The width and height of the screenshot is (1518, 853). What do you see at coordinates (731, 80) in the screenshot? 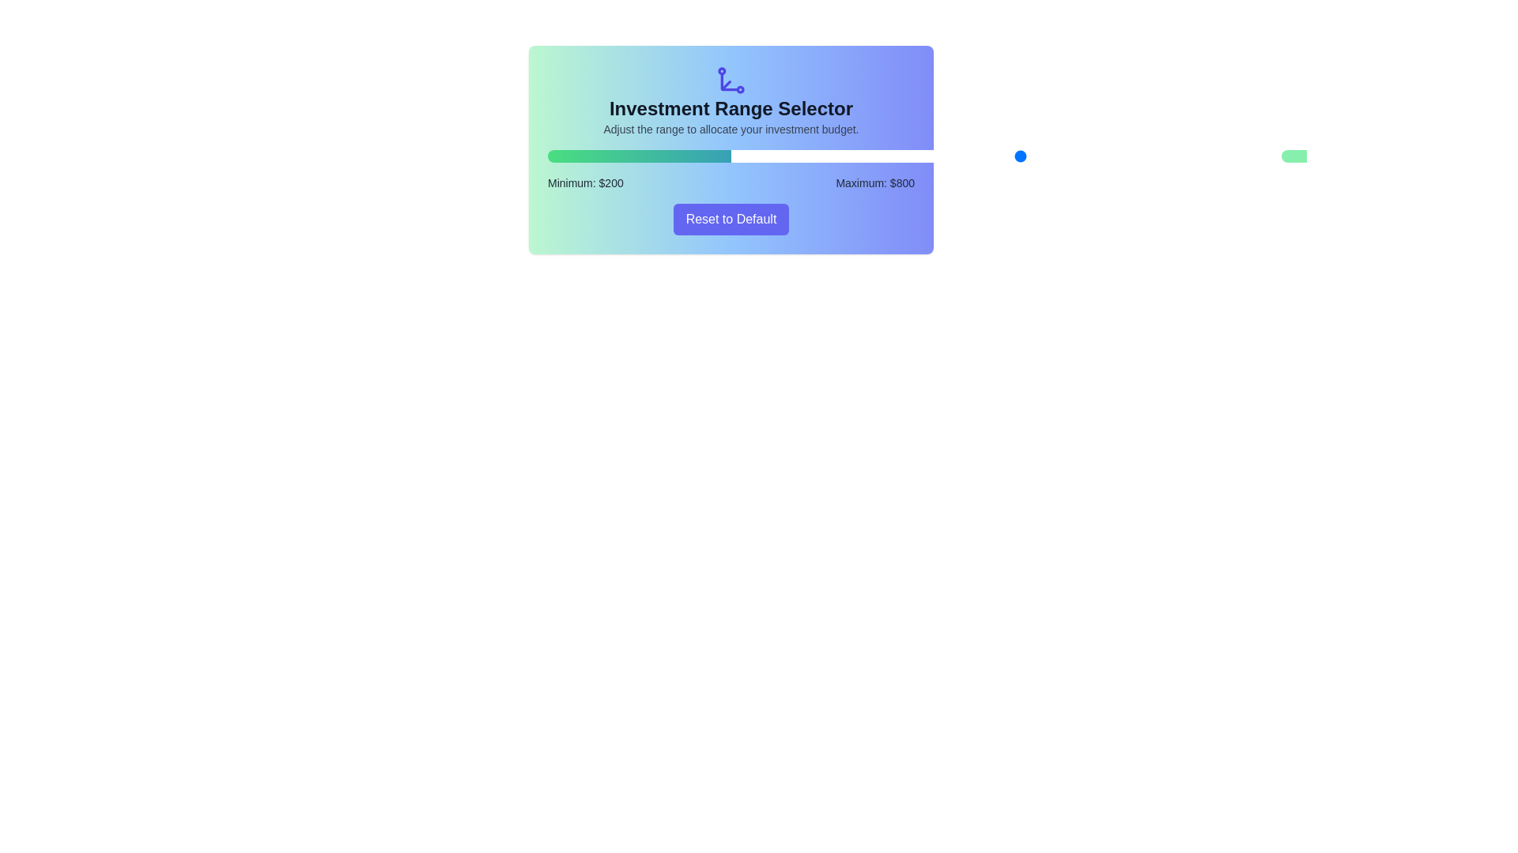
I see `the header icon to trigger its functionality` at bounding box center [731, 80].